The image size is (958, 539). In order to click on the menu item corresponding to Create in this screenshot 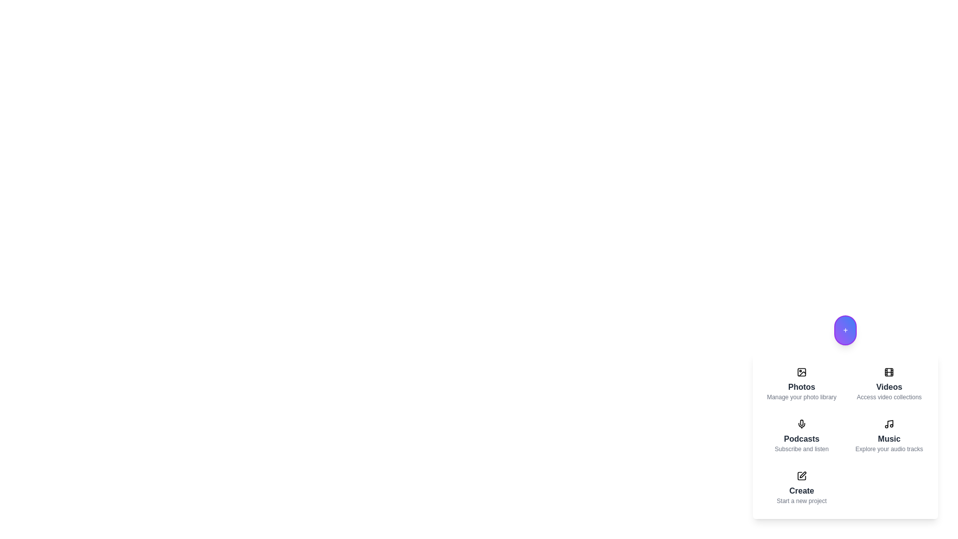, I will do `click(801, 488)`.